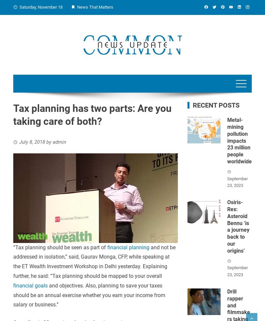 Image resolution: width=265 pixels, height=321 pixels. Describe the element at coordinates (32, 141) in the screenshot. I see `'July 8, 2018'` at that location.